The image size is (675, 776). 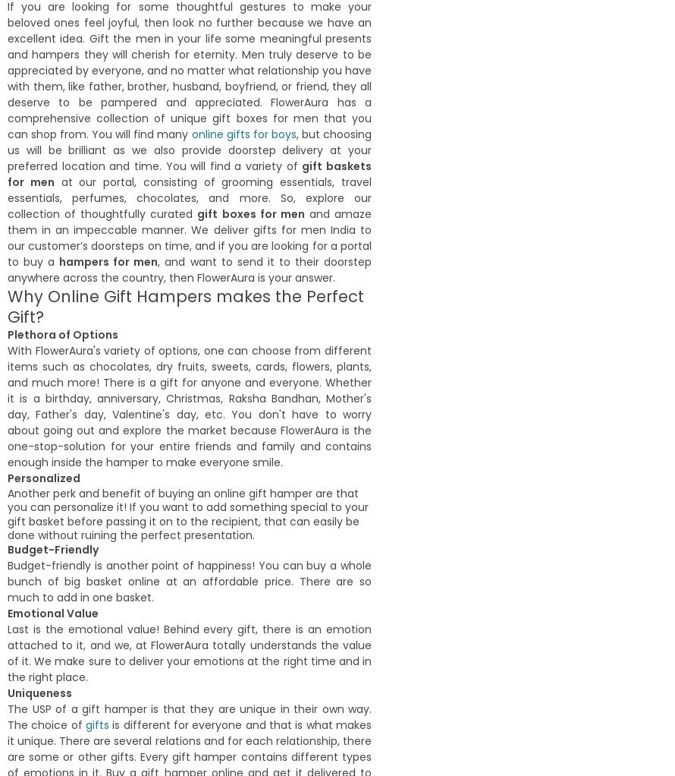 What do you see at coordinates (201, 262) in the screenshot?
I see `'Manisha Somaiya'` at bounding box center [201, 262].